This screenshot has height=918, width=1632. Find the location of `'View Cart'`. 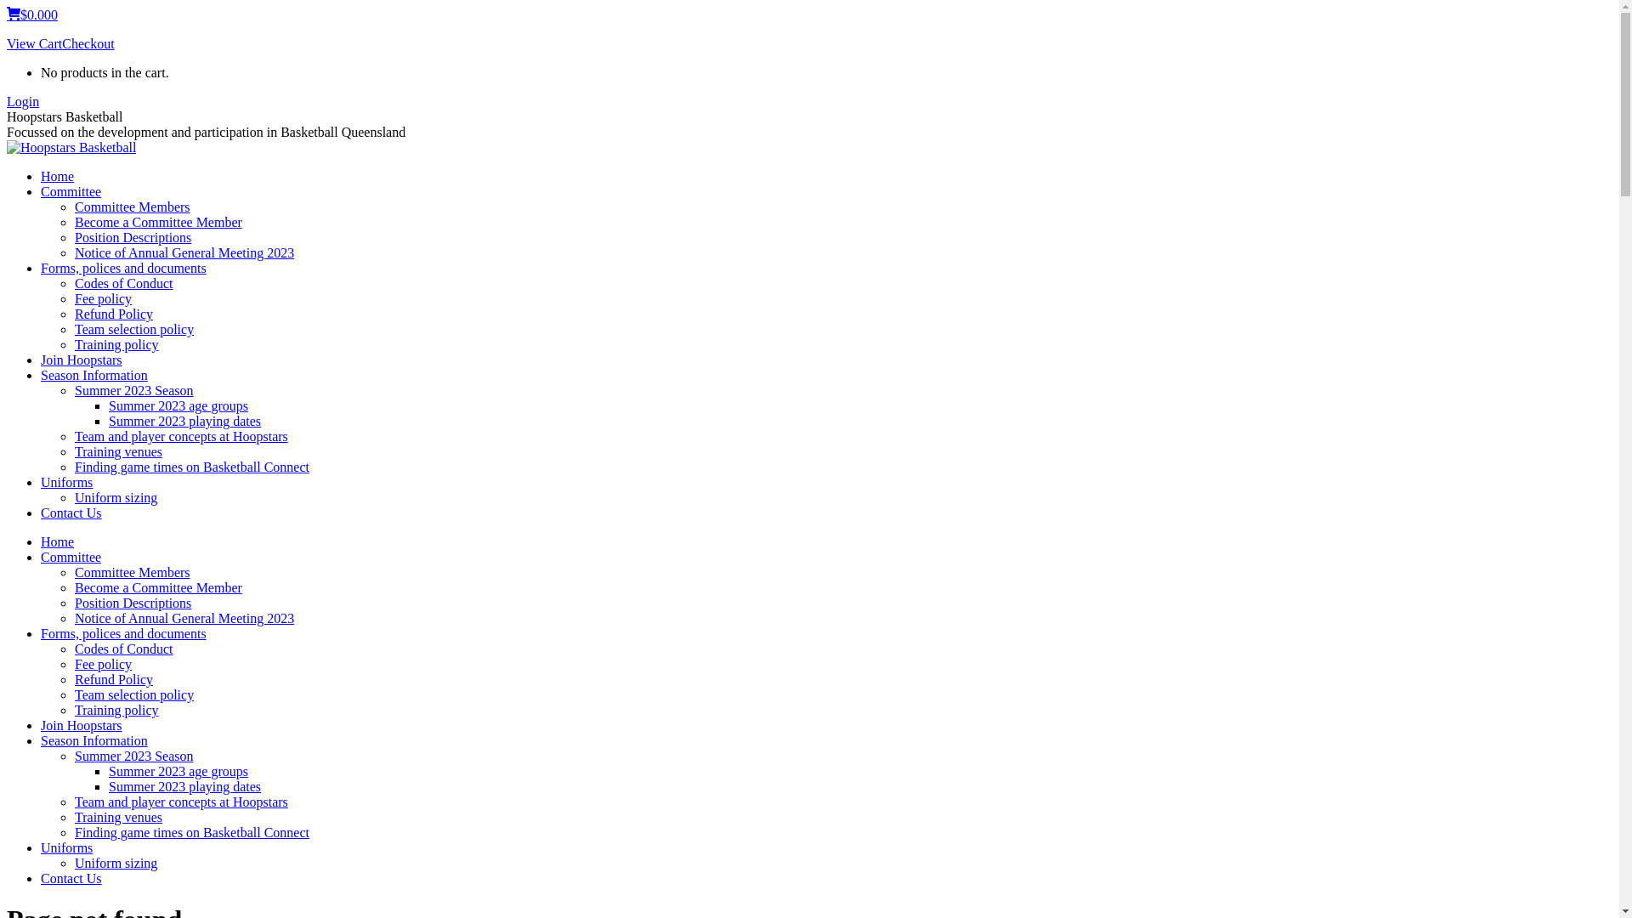

'View Cart' is located at coordinates (34, 42).